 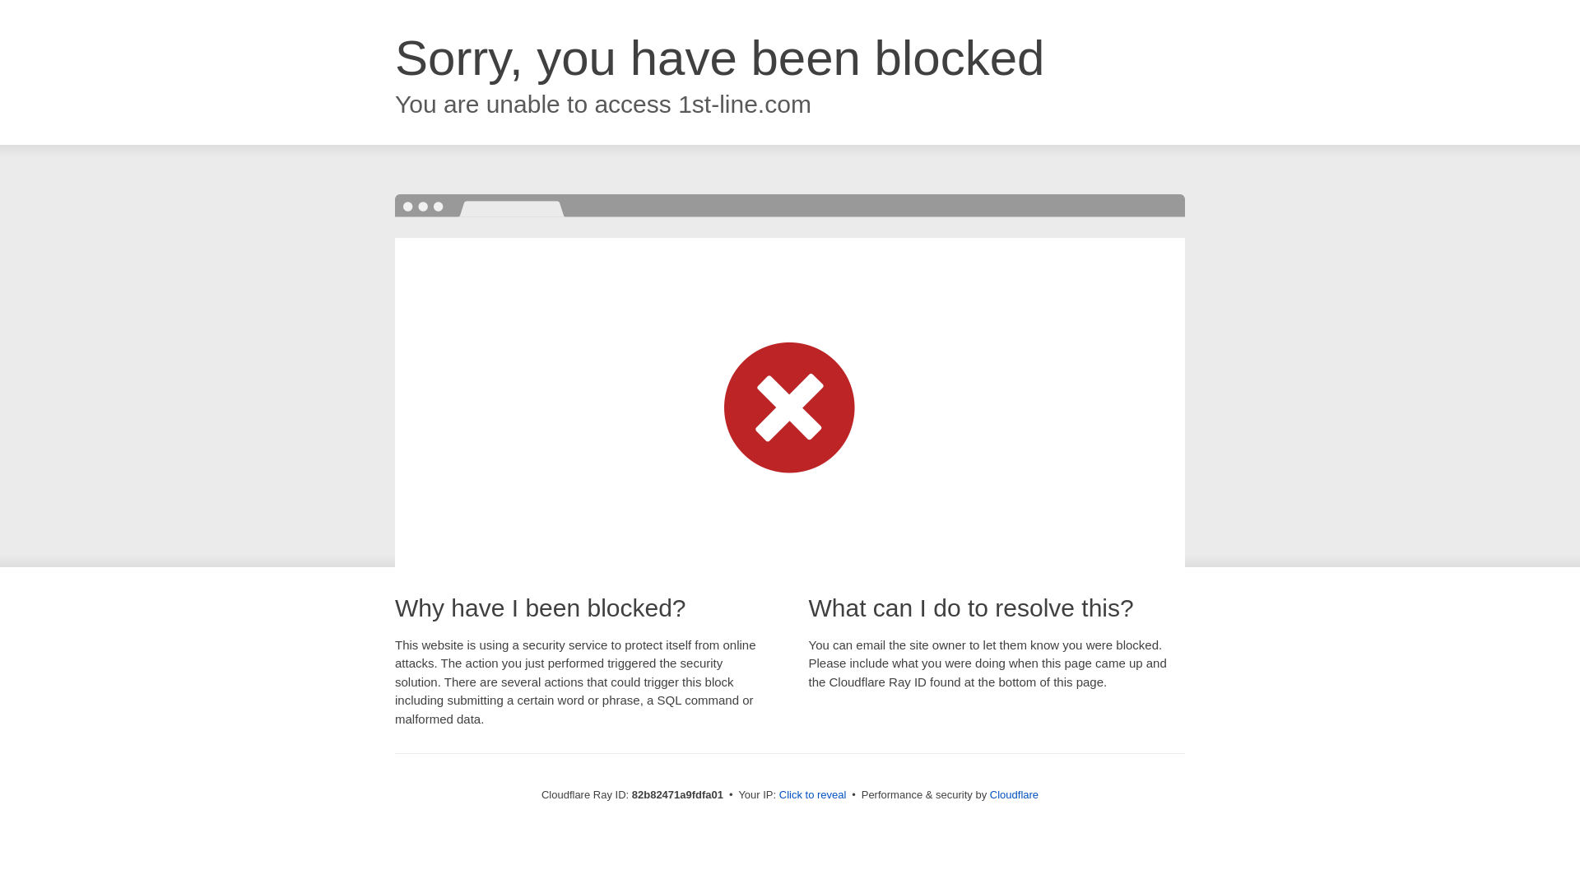 I want to click on 'Cloudflare', so click(x=1013, y=794).